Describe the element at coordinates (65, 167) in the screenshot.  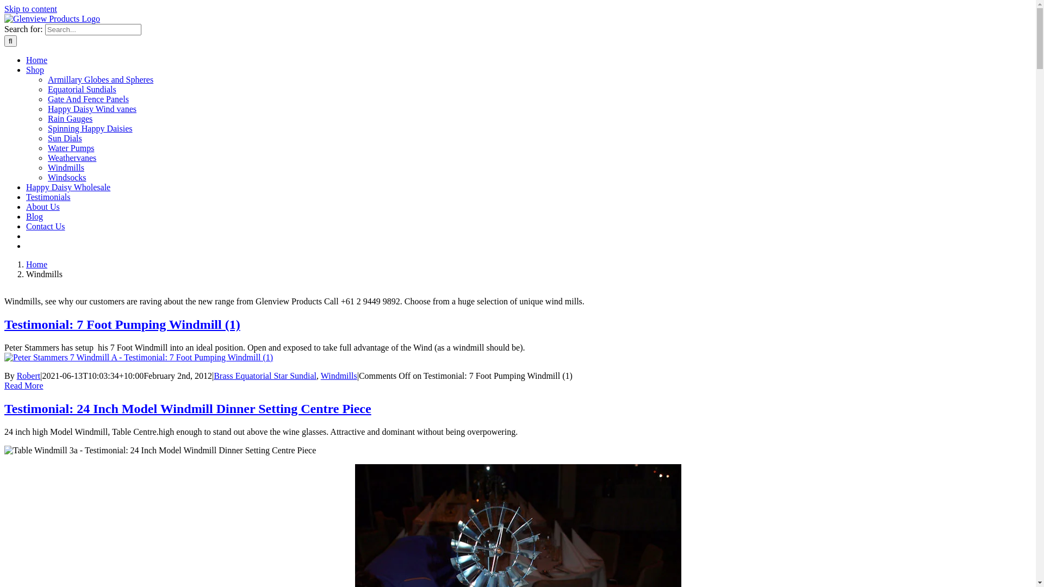
I see `'Windmills'` at that location.